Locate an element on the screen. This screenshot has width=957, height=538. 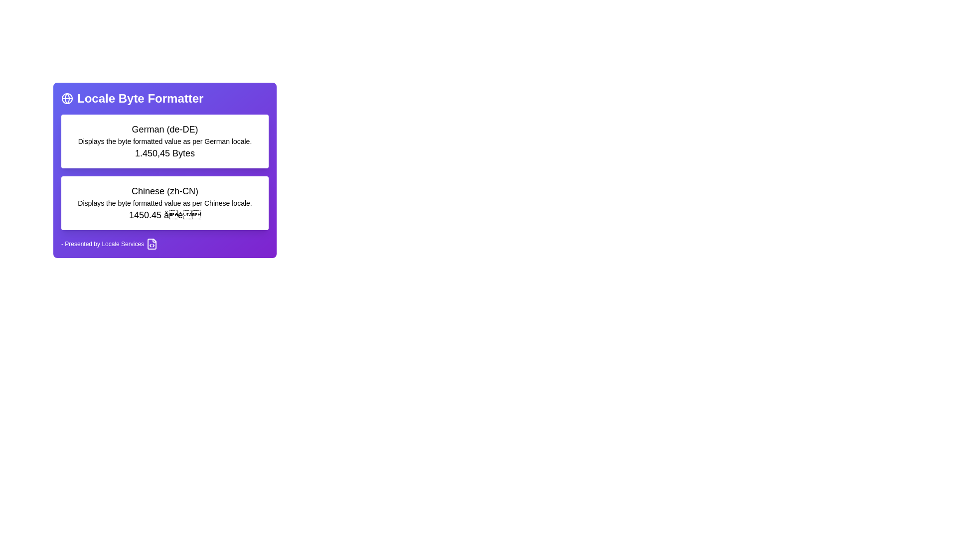
the Informational panel that contains locale-specific information for German (de-DE) and Chinese (zh-CN), located centrally beneath the title 'Locale Byte Formatter' is located at coordinates (165, 172).